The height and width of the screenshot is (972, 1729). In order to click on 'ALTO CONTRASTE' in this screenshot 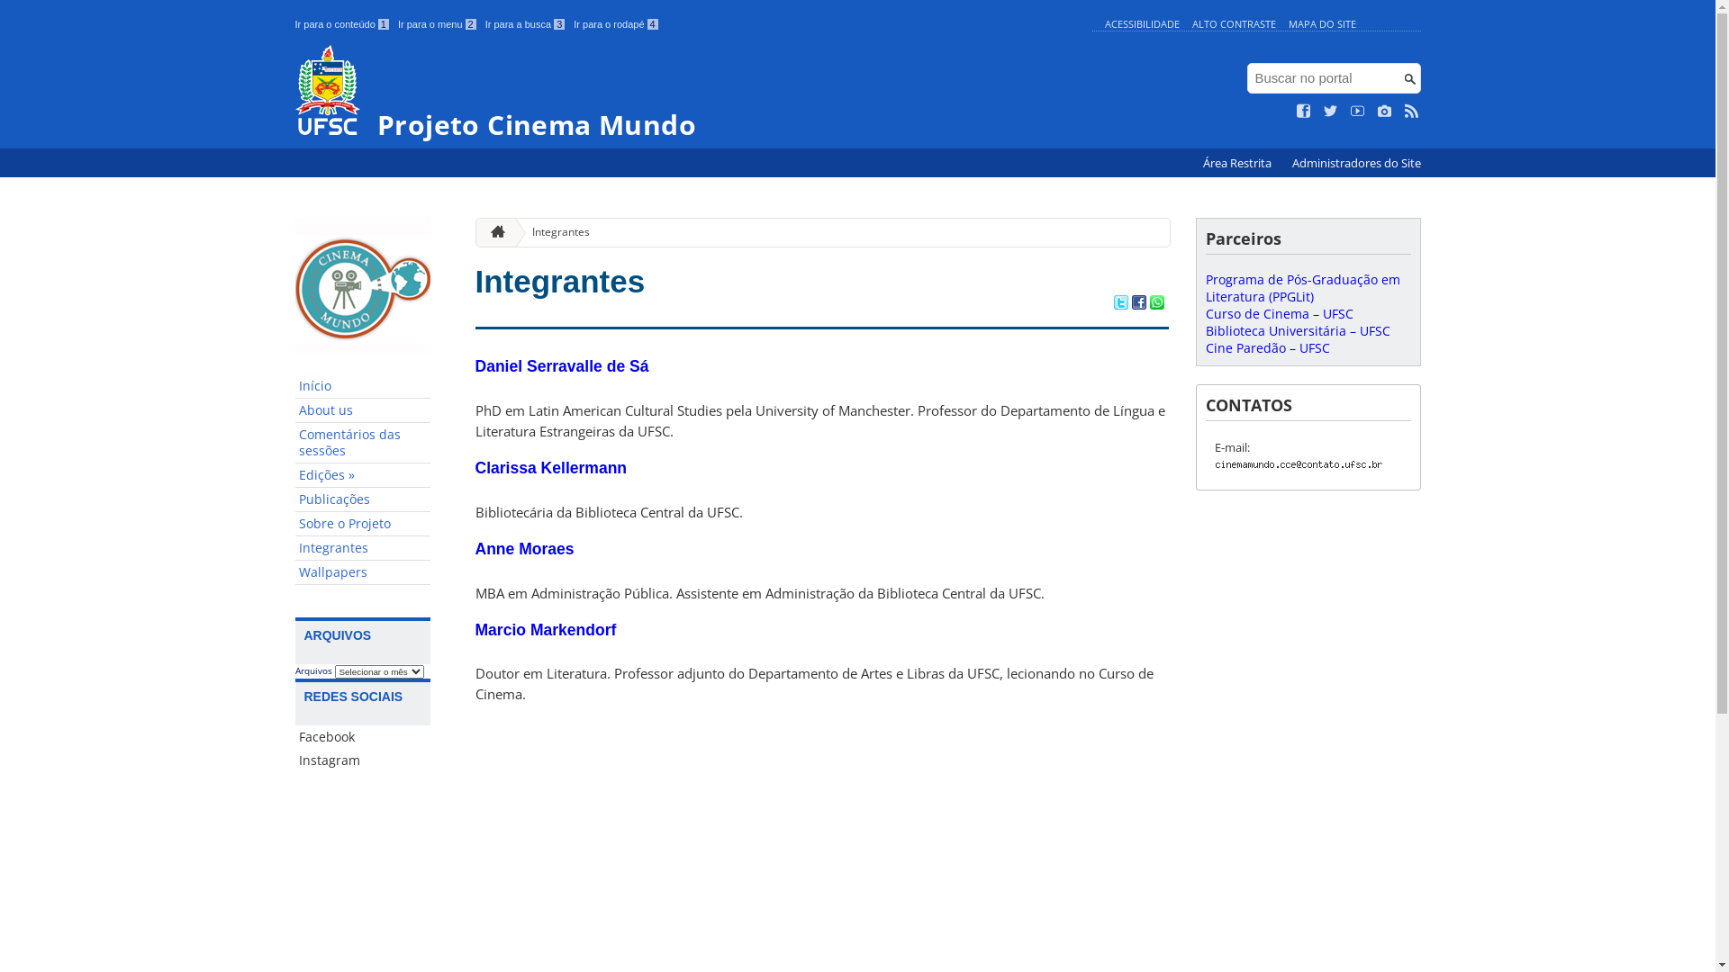, I will do `click(1233, 23)`.